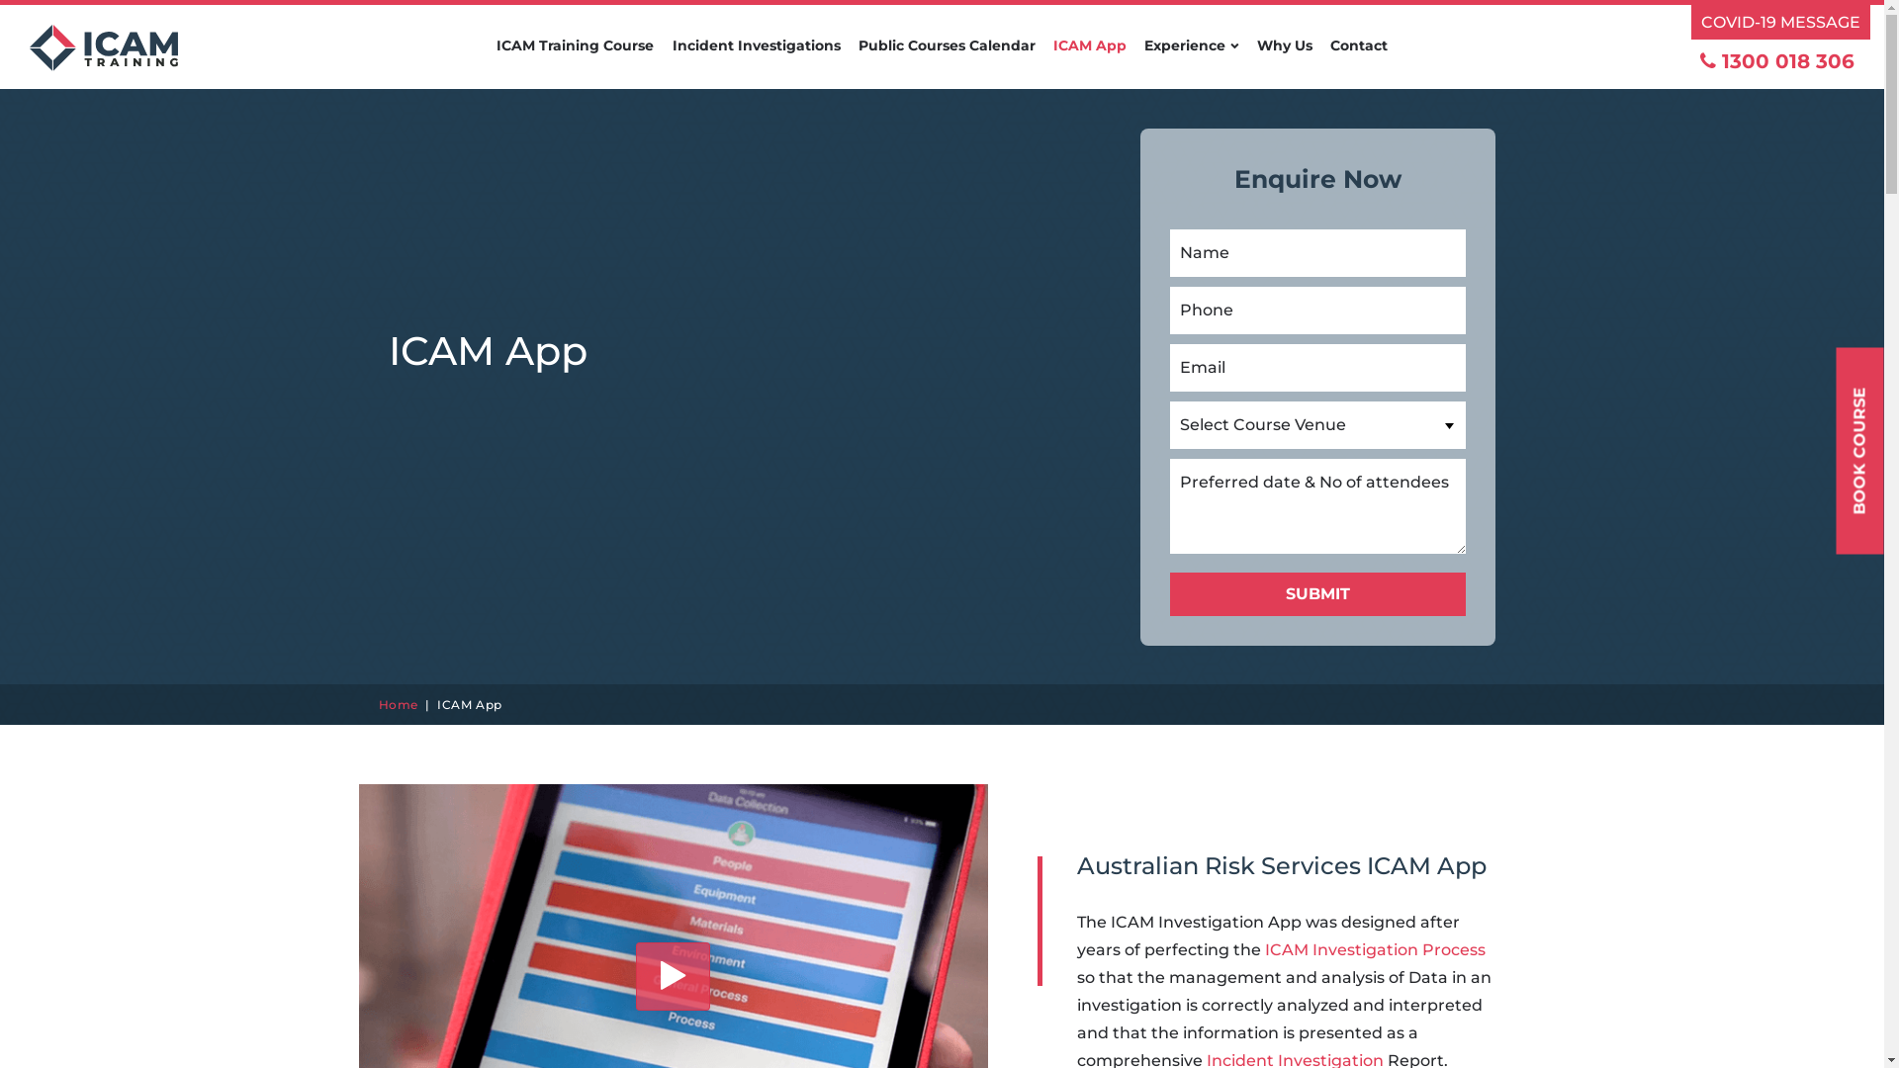 The width and height of the screenshot is (1899, 1068). I want to click on 'ICAM Training Course', so click(574, 59).